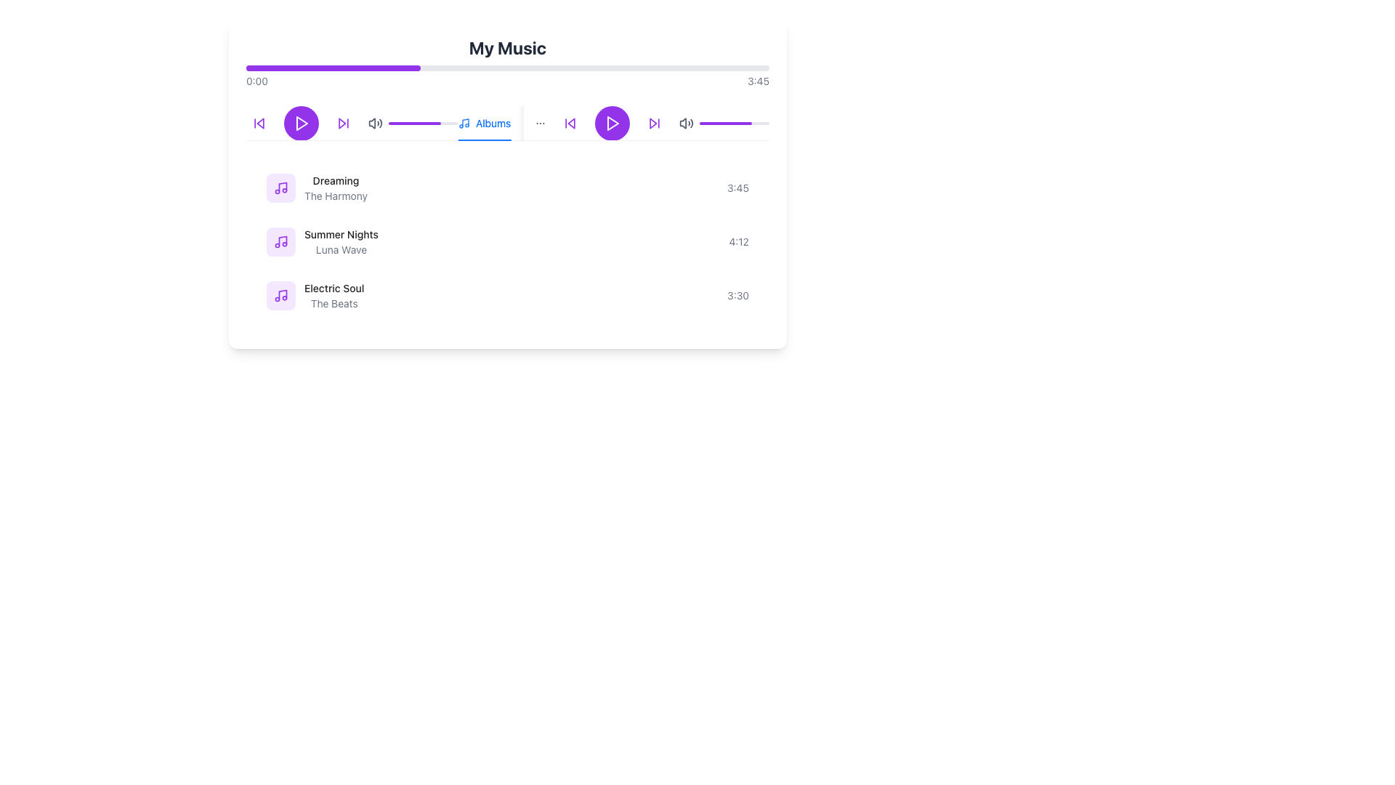 The height and width of the screenshot is (785, 1395). Describe the element at coordinates (281, 241) in the screenshot. I see `the decorative music note icon with a light purple background located to the left of the text 'Summer Nights' in the music list` at that location.